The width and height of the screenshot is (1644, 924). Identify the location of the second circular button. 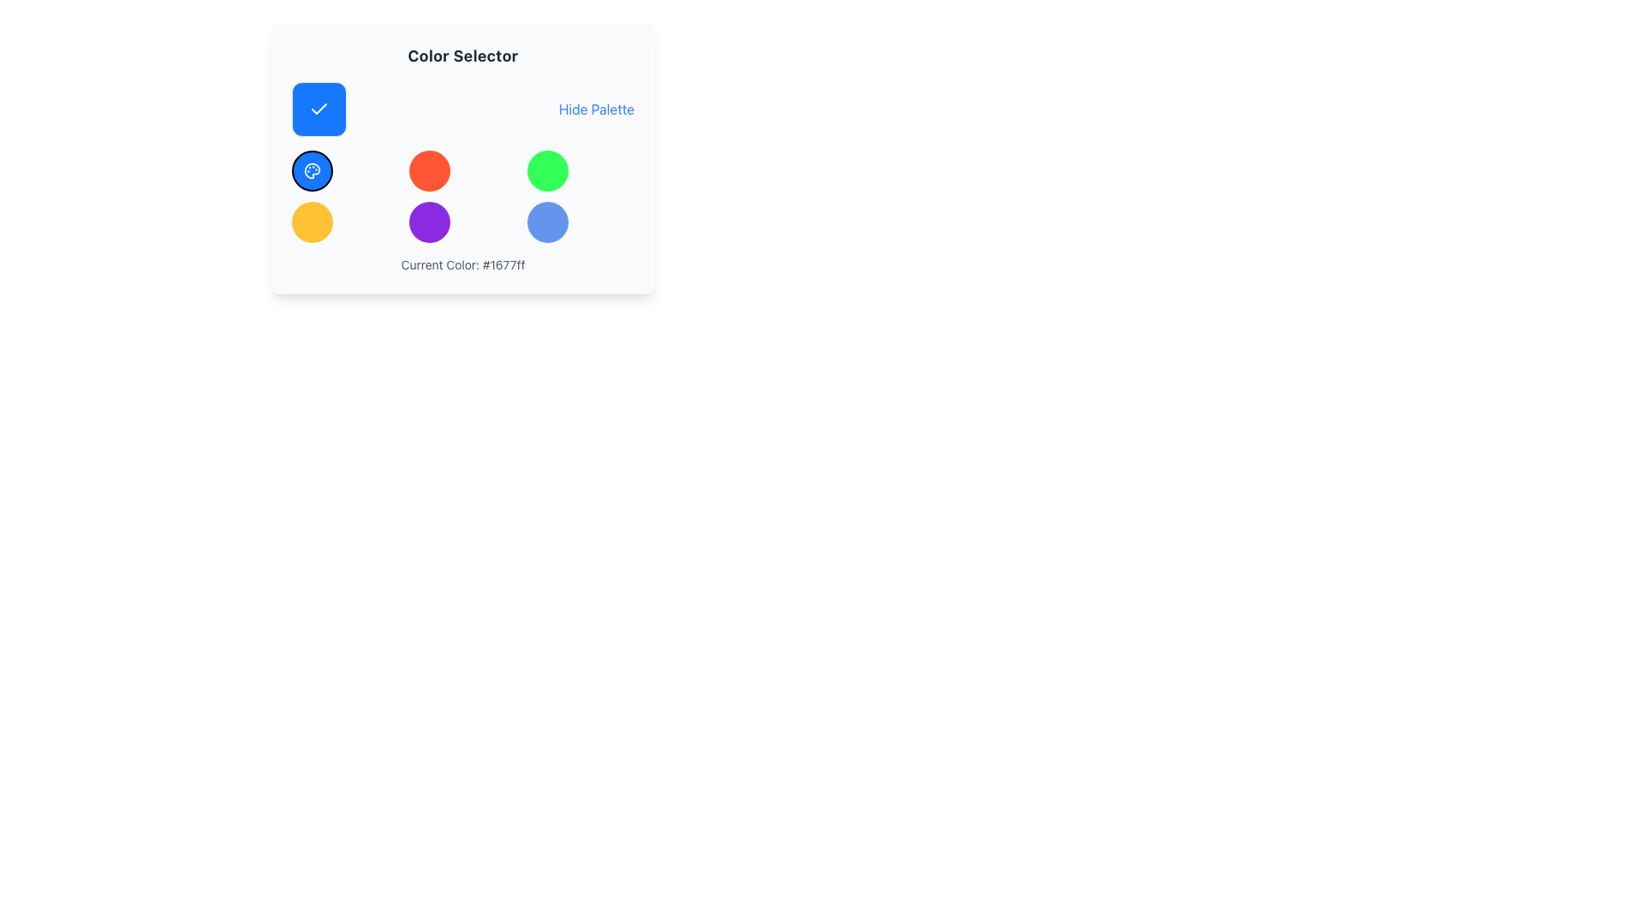
(312, 171).